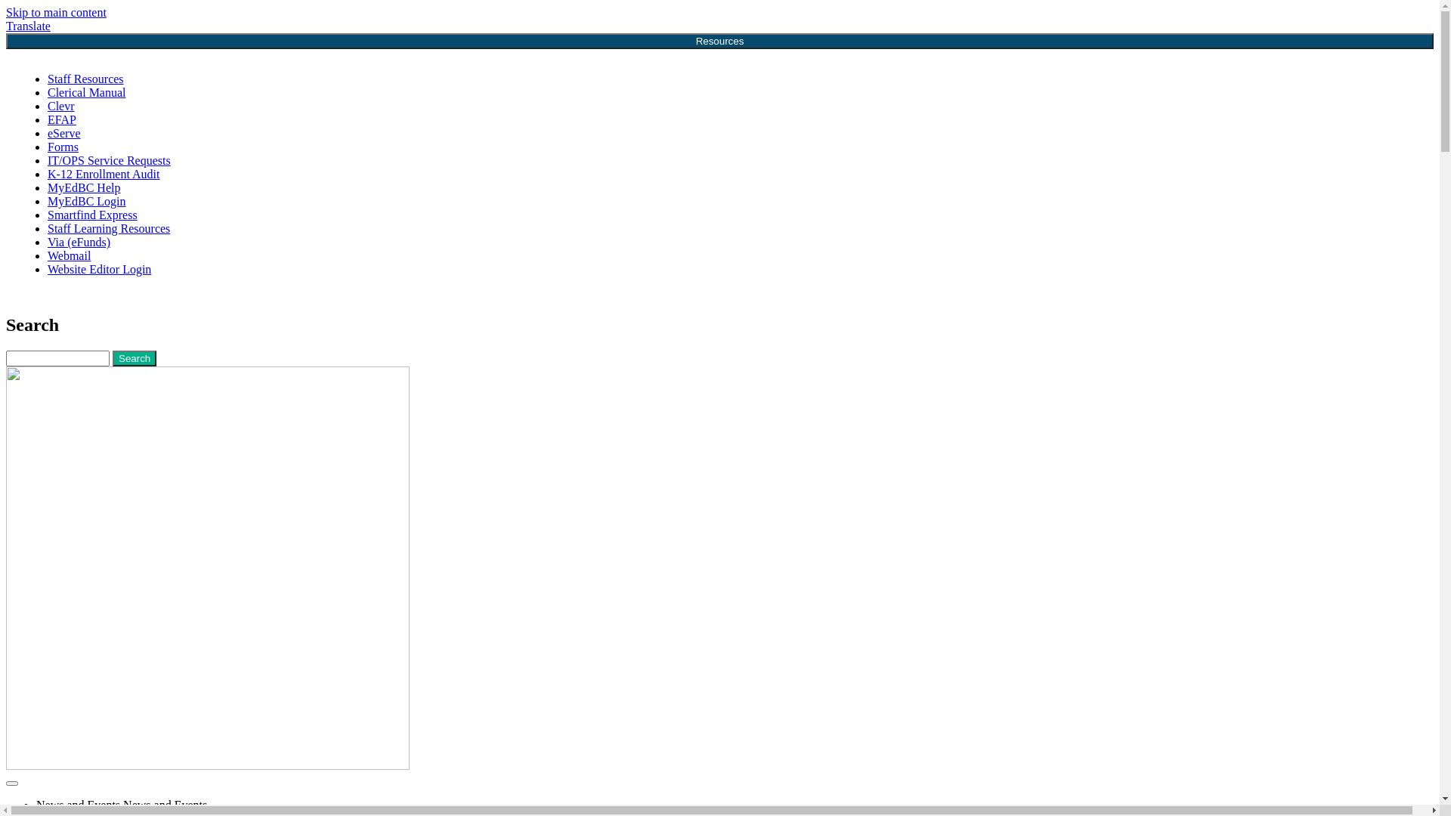 The height and width of the screenshot is (816, 1451). Describe the element at coordinates (86, 92) in the screenshot. I see `'Clerical Manual'` at that location.